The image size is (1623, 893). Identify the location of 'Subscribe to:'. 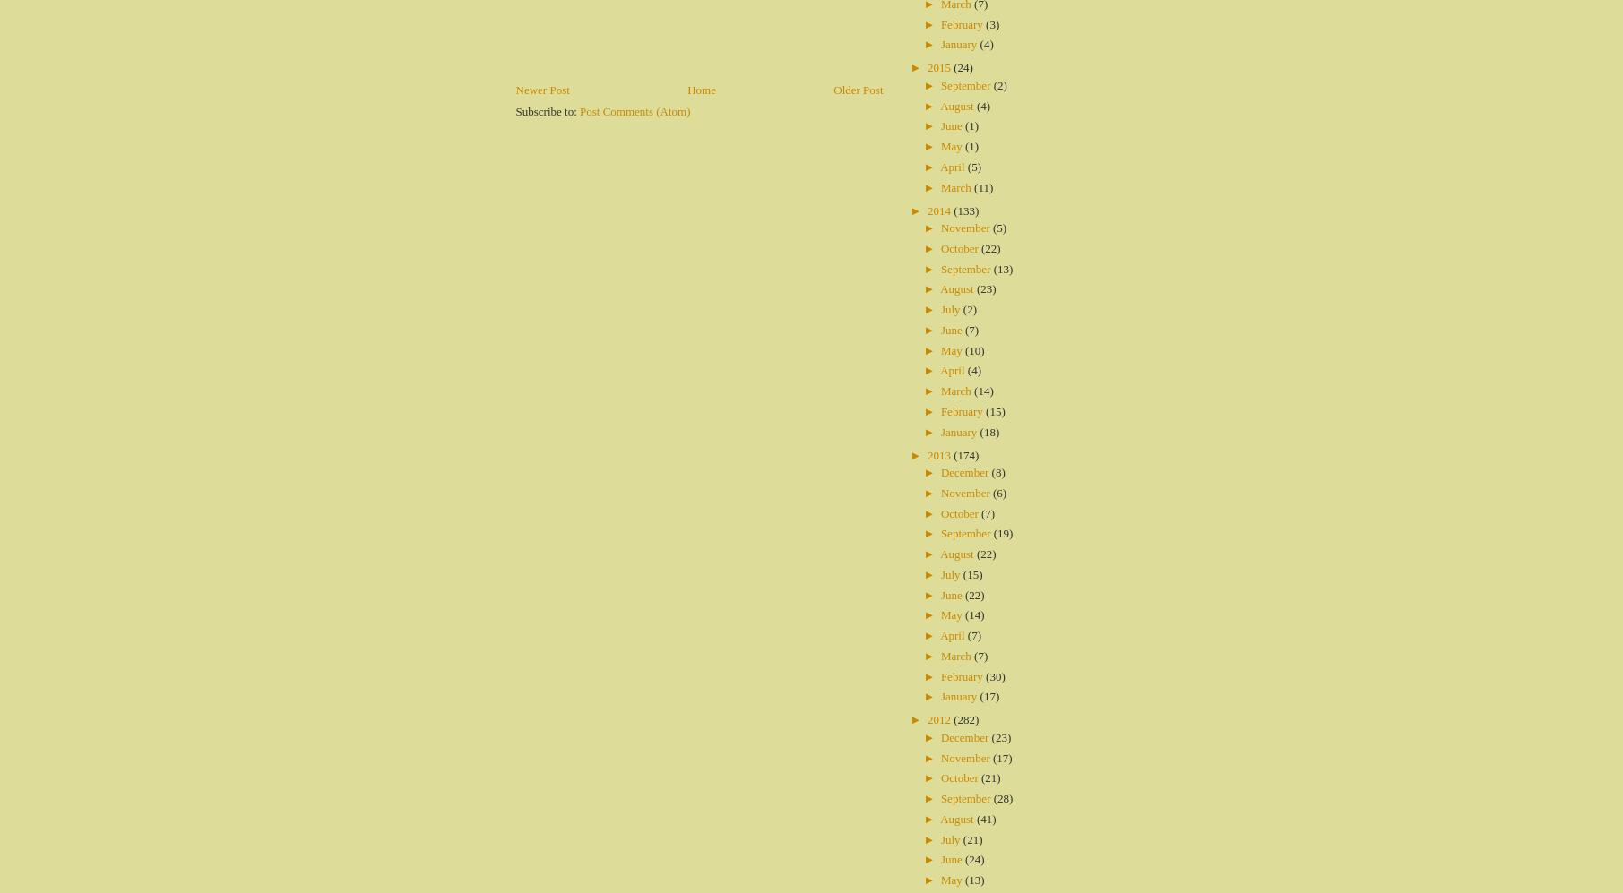
(548, 110).